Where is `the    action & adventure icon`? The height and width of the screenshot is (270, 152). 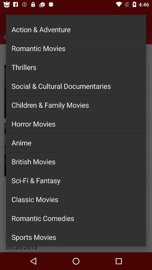 the    action & adventure icon is located at coordinates (76, 29).